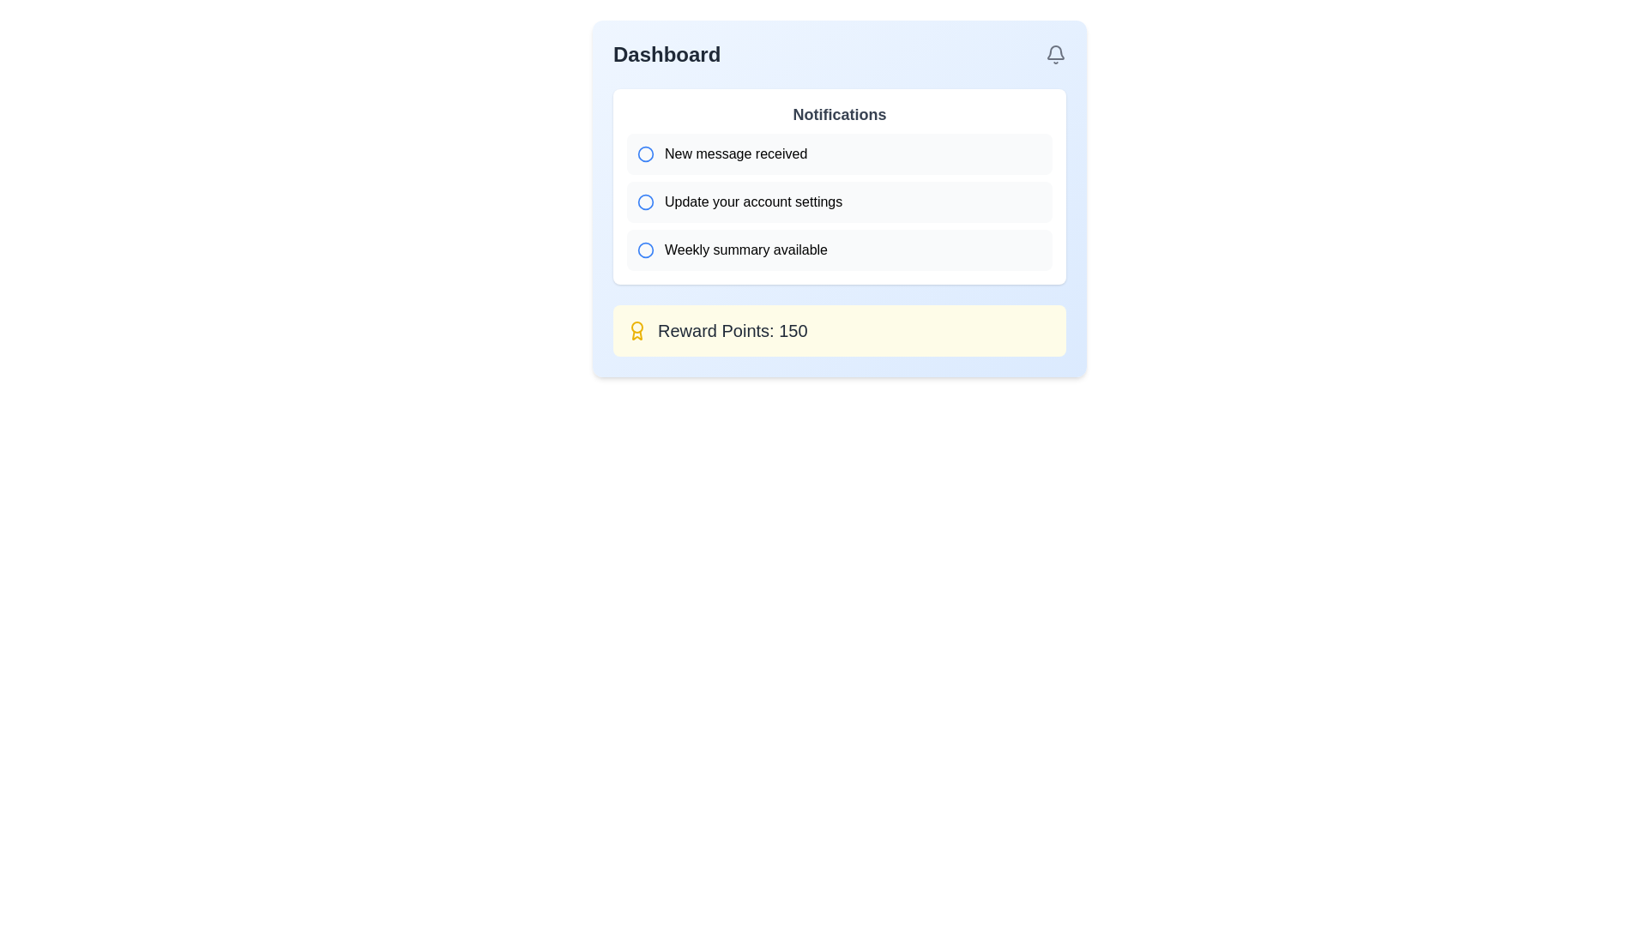  What do you see at coordinates (645, 250) in the screenshot?
I see `the circular blue-stroke graphic icon located in the Notifications section, adjacent to the text 'Weekly summary available'` at bounding box center [645, 250].